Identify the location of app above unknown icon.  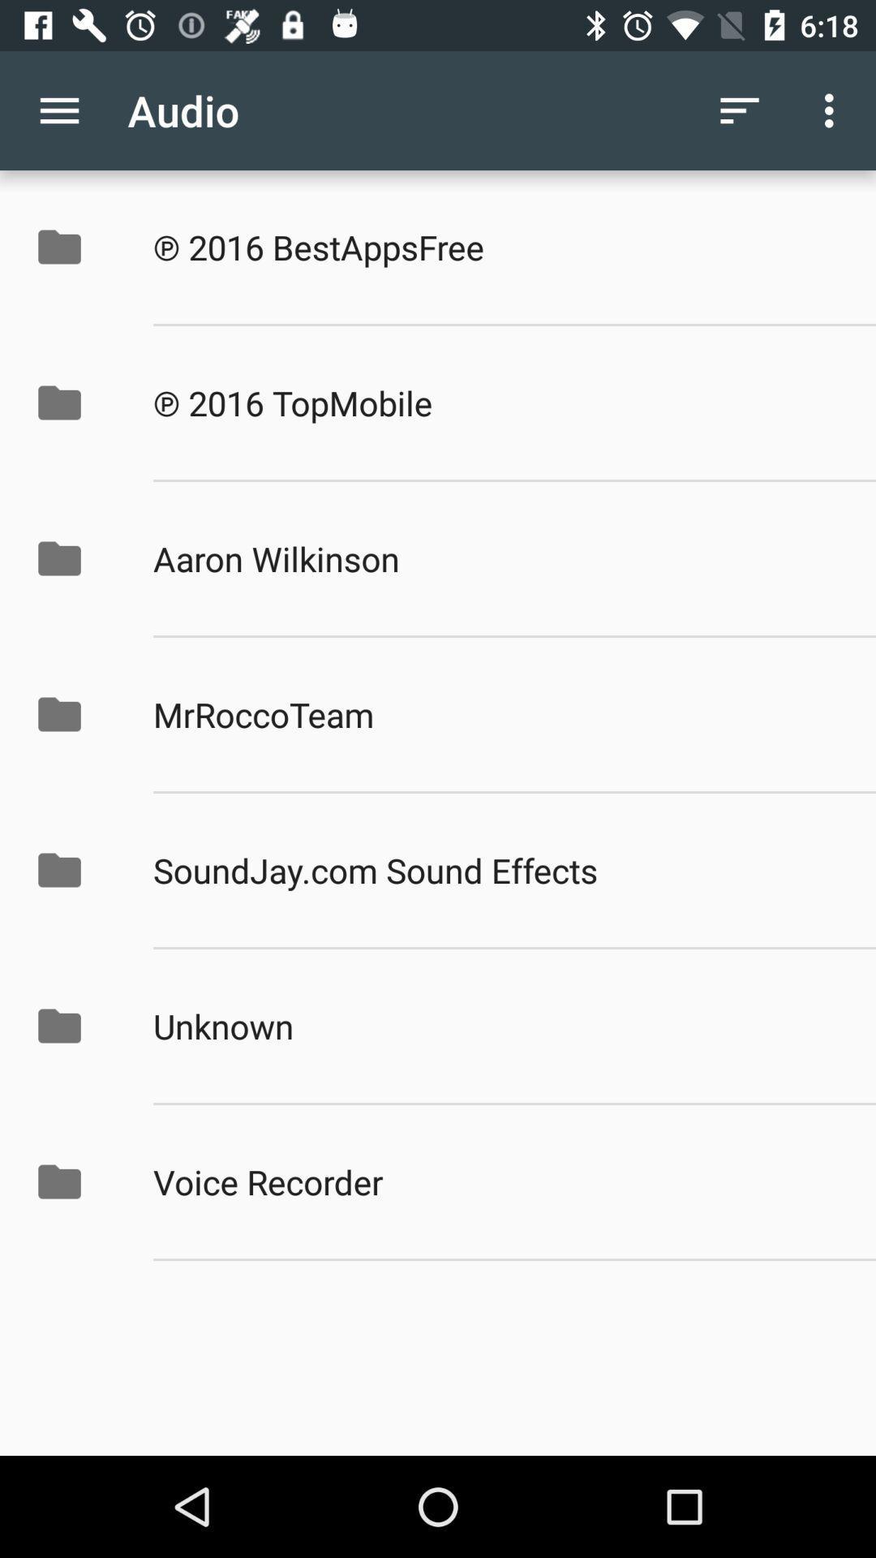
(496, 869).